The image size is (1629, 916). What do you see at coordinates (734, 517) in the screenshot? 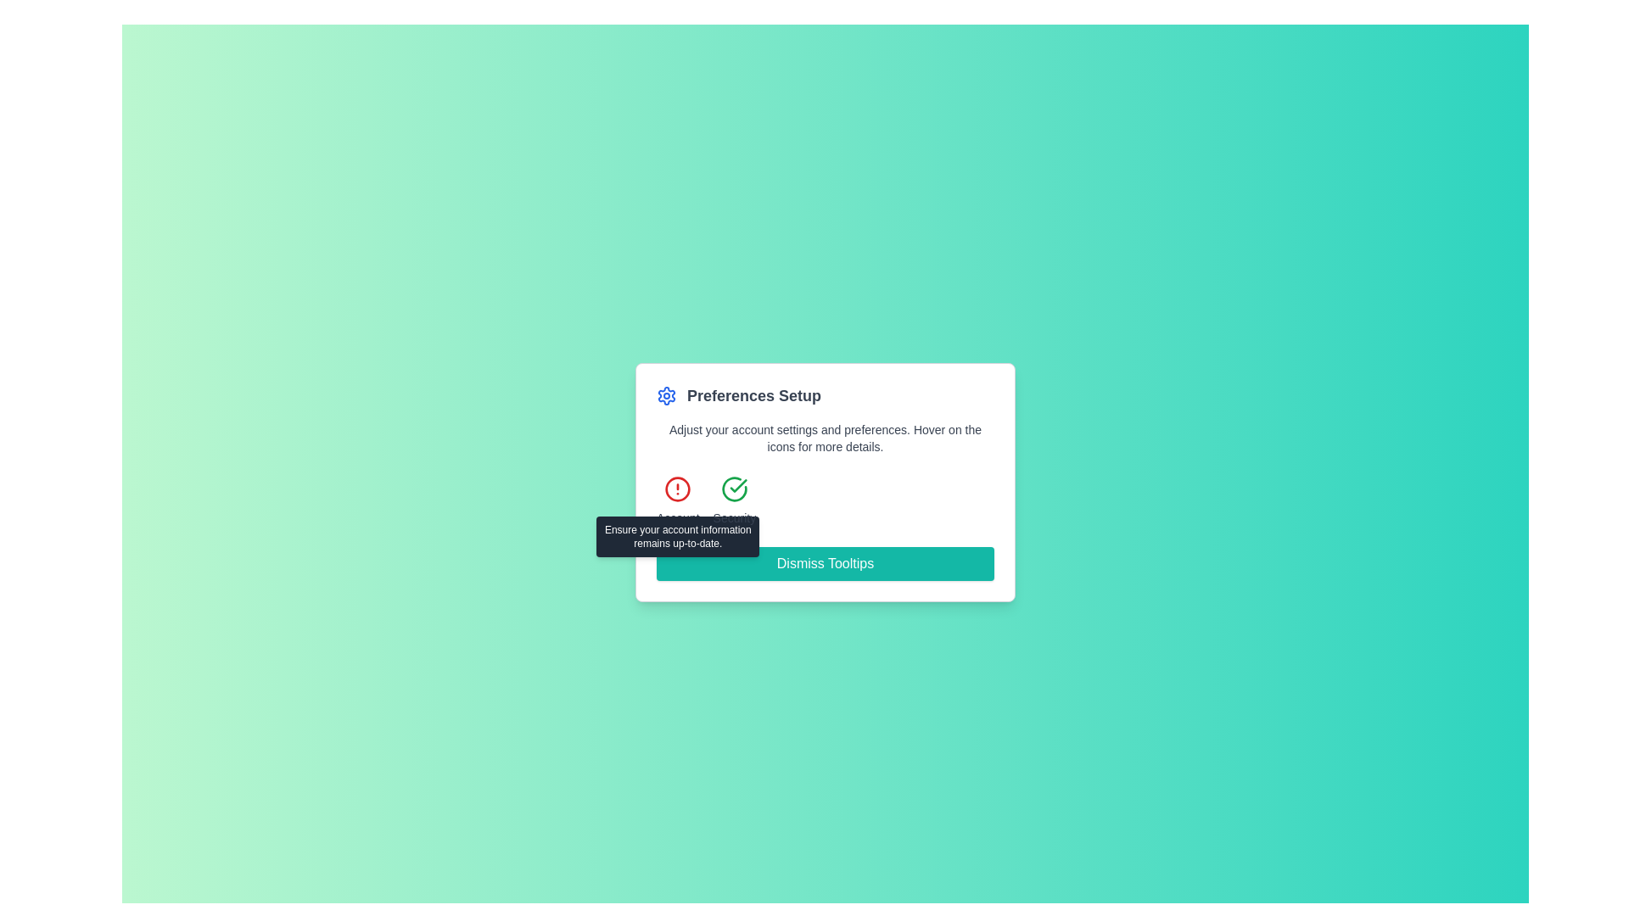
I see `the Text Label that describes the preceding icon, which indicates a security-related feature or status, located below a green checkmark in a white dialog box` at bounding box center [734, 517].